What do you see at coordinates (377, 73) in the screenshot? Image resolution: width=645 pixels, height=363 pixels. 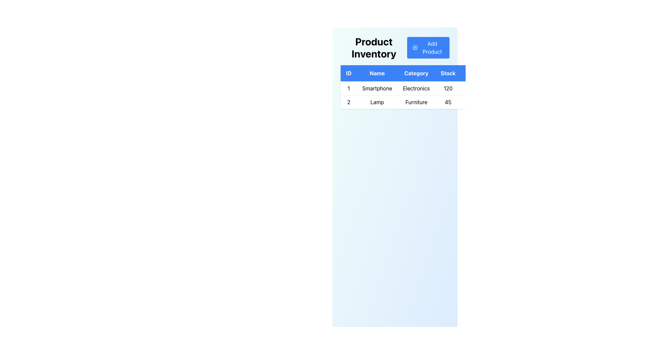 I see `the Table Header element labeled 'Name' which is styled with a blue background and white text, located between the 'ID' and 'Category' headers in the table` at bounding box center [377, 73].